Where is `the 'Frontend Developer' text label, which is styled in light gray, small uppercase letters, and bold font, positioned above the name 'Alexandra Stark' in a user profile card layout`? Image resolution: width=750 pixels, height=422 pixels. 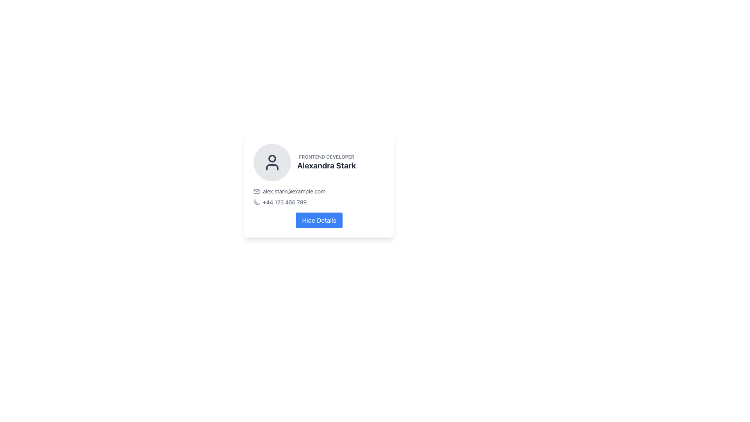
the 'Frontend Developer' text label, which is styled in light gray, small uppercase letters, and bold font, positioned above the name 'Alexandra Stark' in a user profile card layout is located at coordinates (327, 157).